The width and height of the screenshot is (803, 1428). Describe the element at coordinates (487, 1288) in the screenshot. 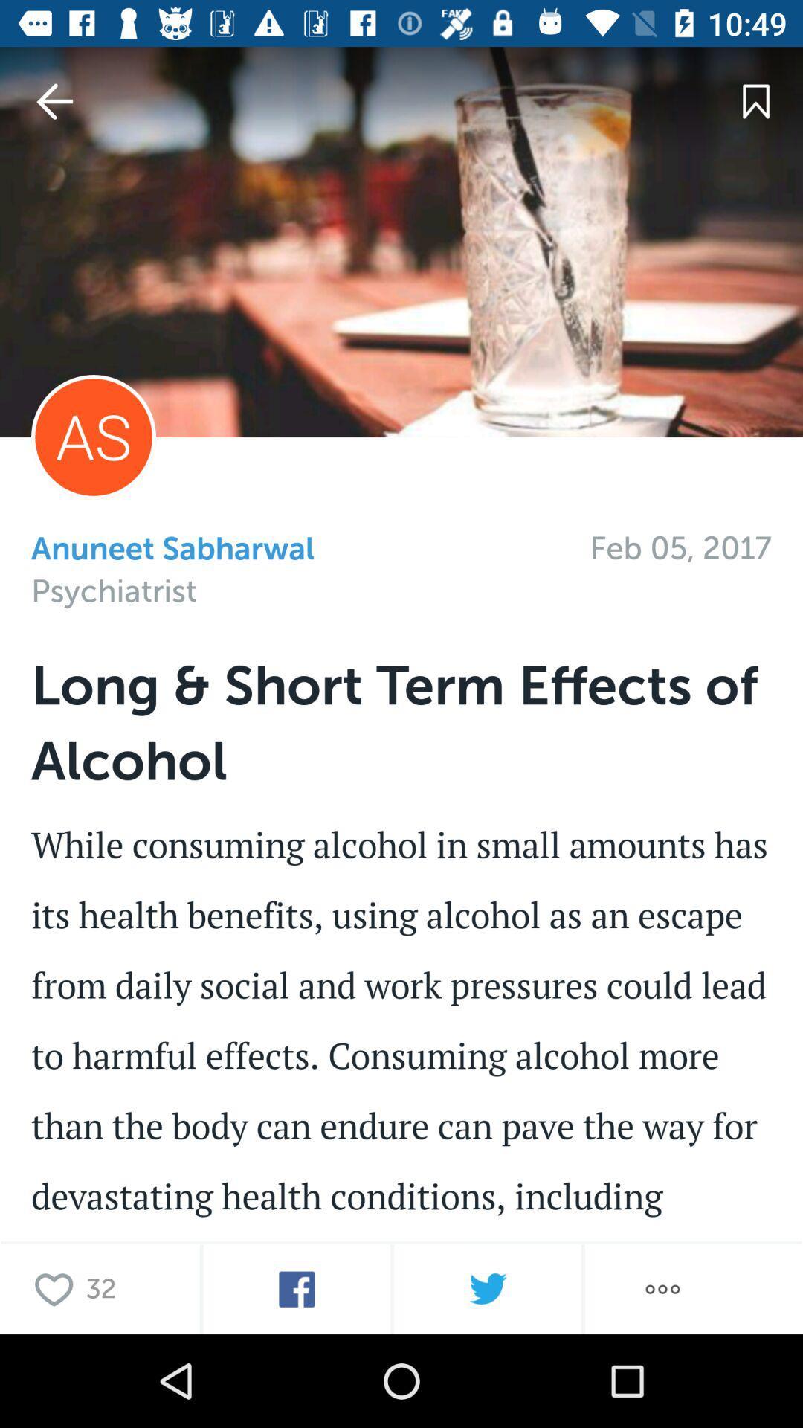

I see `share to twitter` at that location.